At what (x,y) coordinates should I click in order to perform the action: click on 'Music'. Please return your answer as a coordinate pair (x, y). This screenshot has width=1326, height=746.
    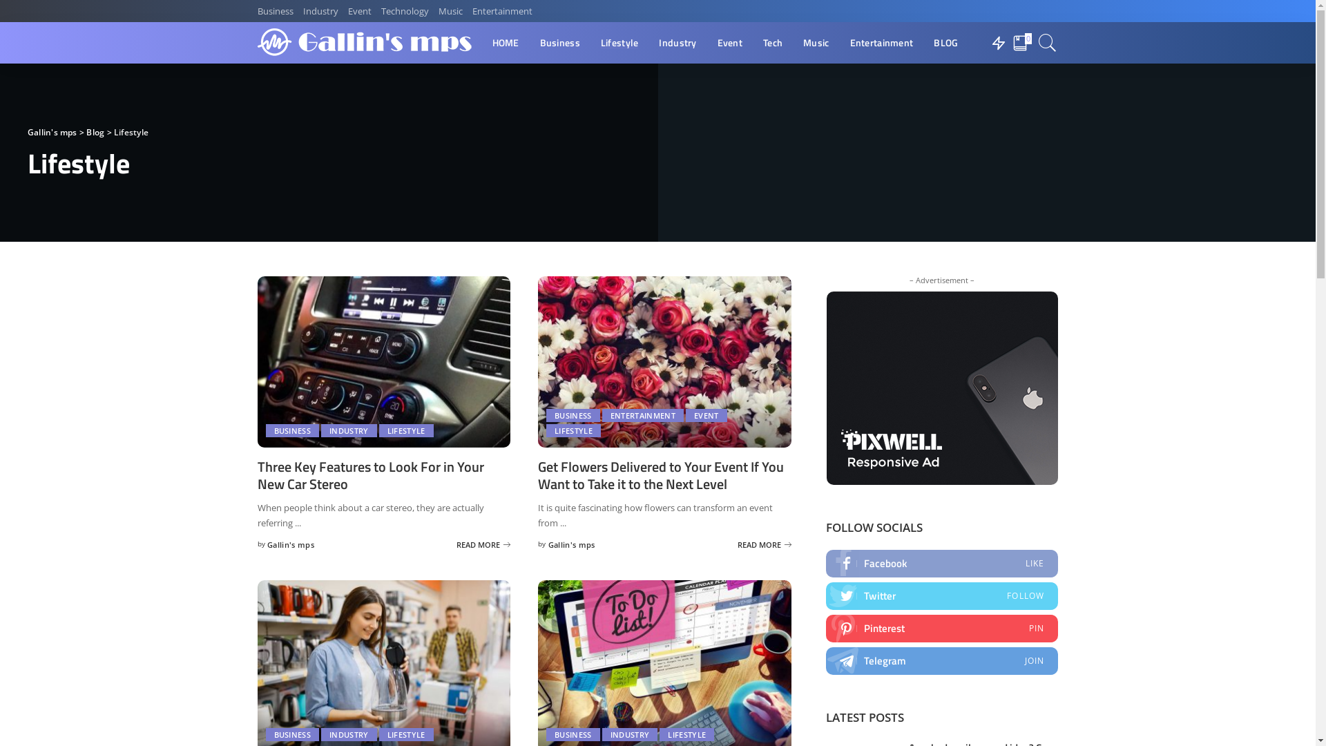
    Looking at the image, I should click on (816, 41).